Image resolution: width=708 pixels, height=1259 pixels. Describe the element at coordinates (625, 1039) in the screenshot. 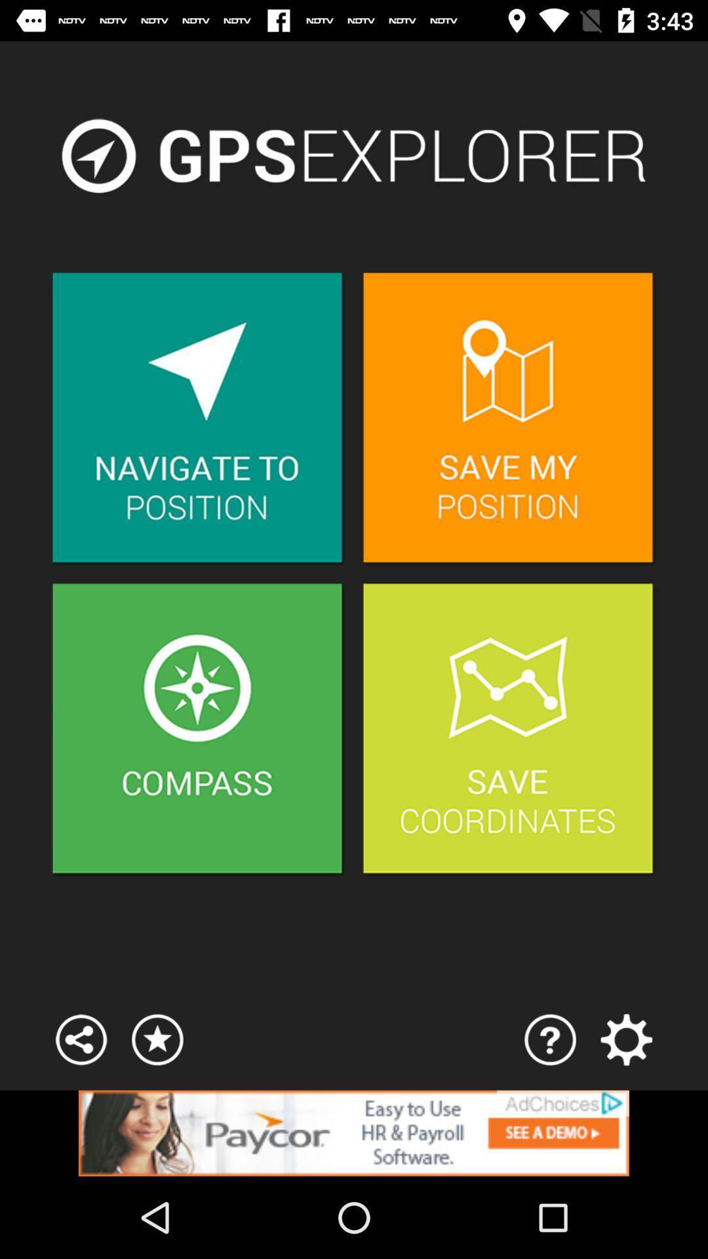

I see `settings option` at that location.